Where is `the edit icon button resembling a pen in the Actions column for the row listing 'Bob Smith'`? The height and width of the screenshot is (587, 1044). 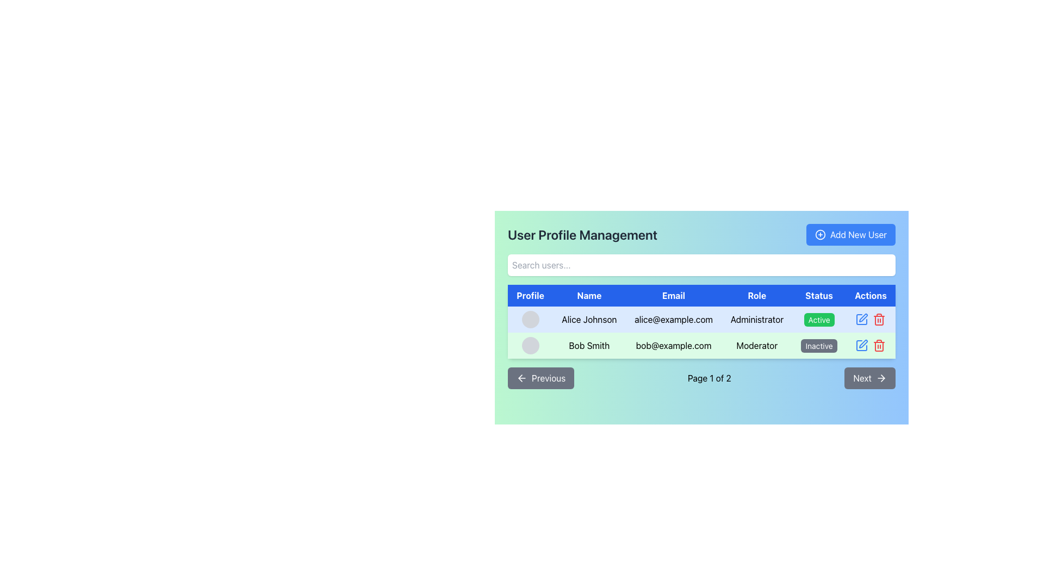 the edit icon button resembling a pen in the Actions column for the row listing 'Bob Smith' is located at coordinates (863, 344).